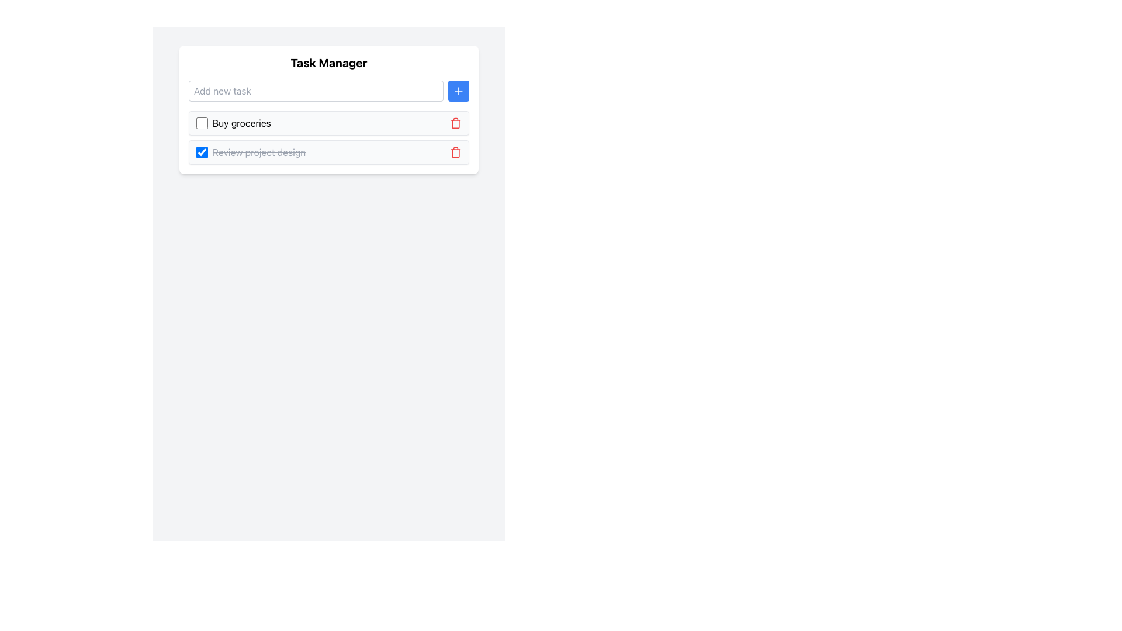 This screenshot has height=631, width=1122. I want to click on the checkbox for the task 'Review project design', so click(202, 152).